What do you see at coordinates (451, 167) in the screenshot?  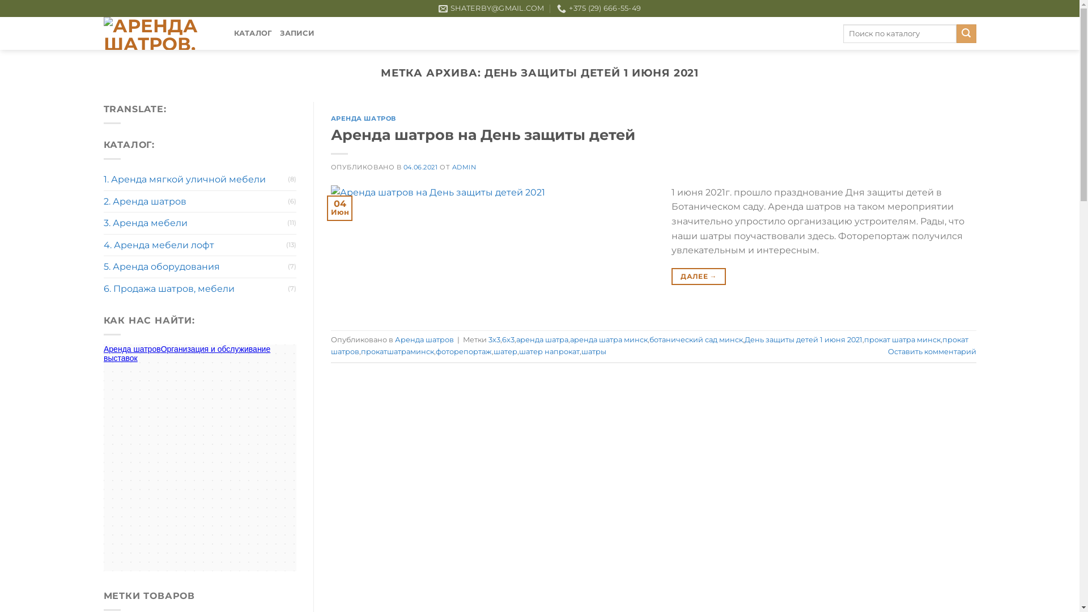 I see `'ADMIN'` at bounding box center [451, 167].